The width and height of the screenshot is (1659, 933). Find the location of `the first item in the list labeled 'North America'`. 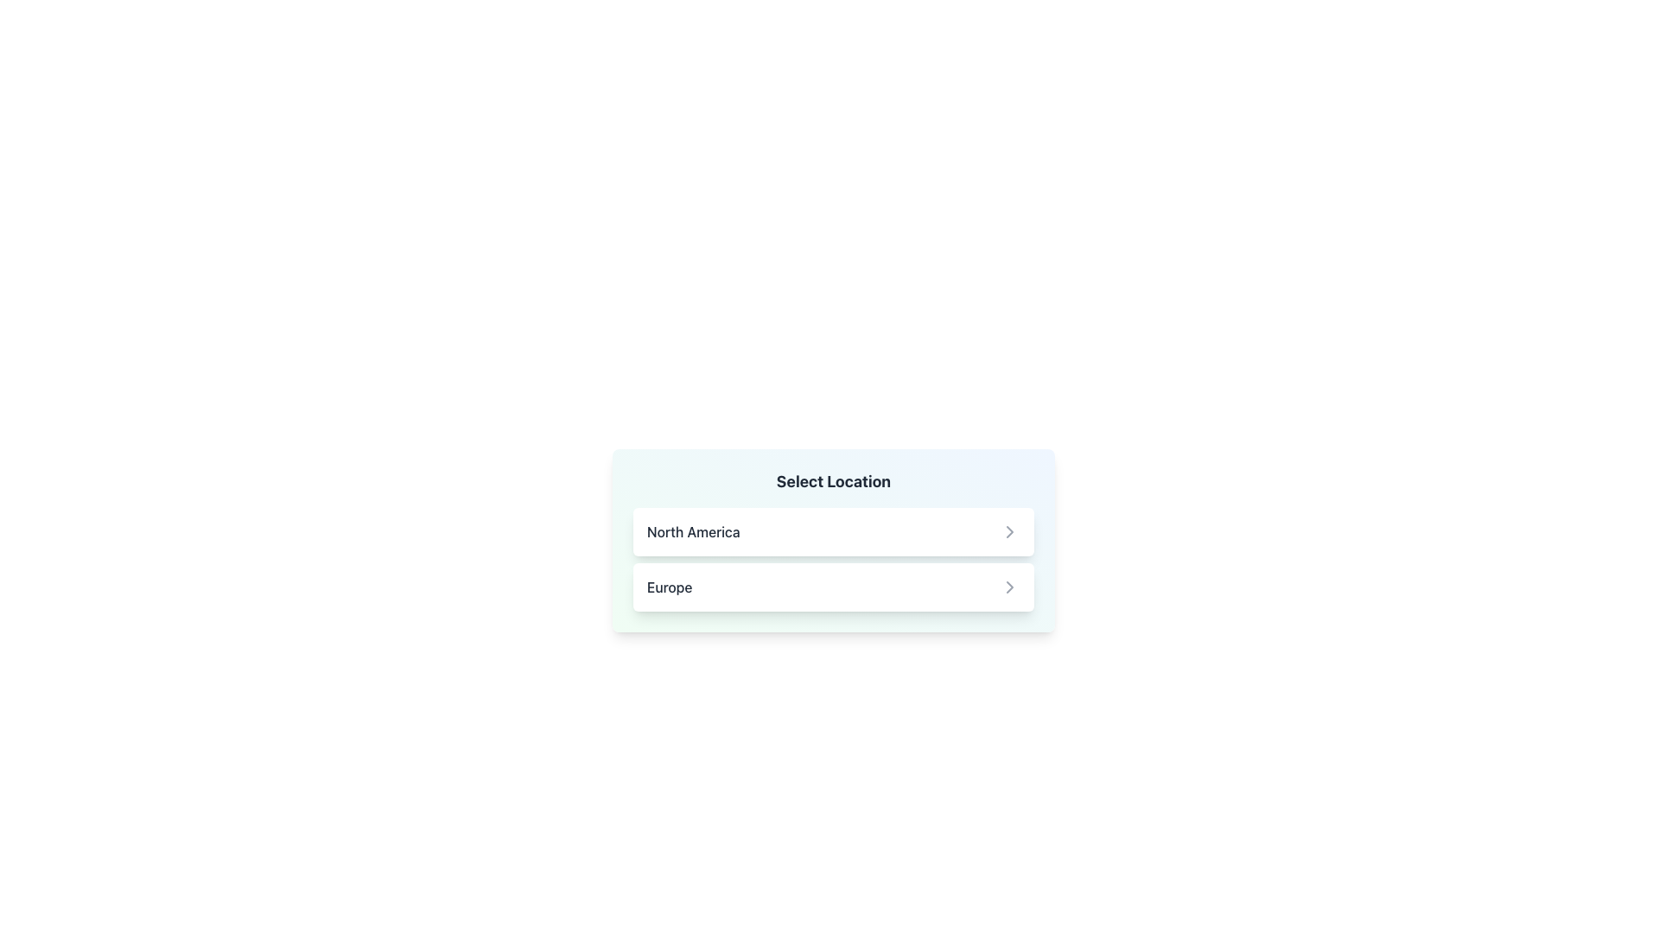

the first item in the list labeled 'North America' is located at coordinates (833, 531).